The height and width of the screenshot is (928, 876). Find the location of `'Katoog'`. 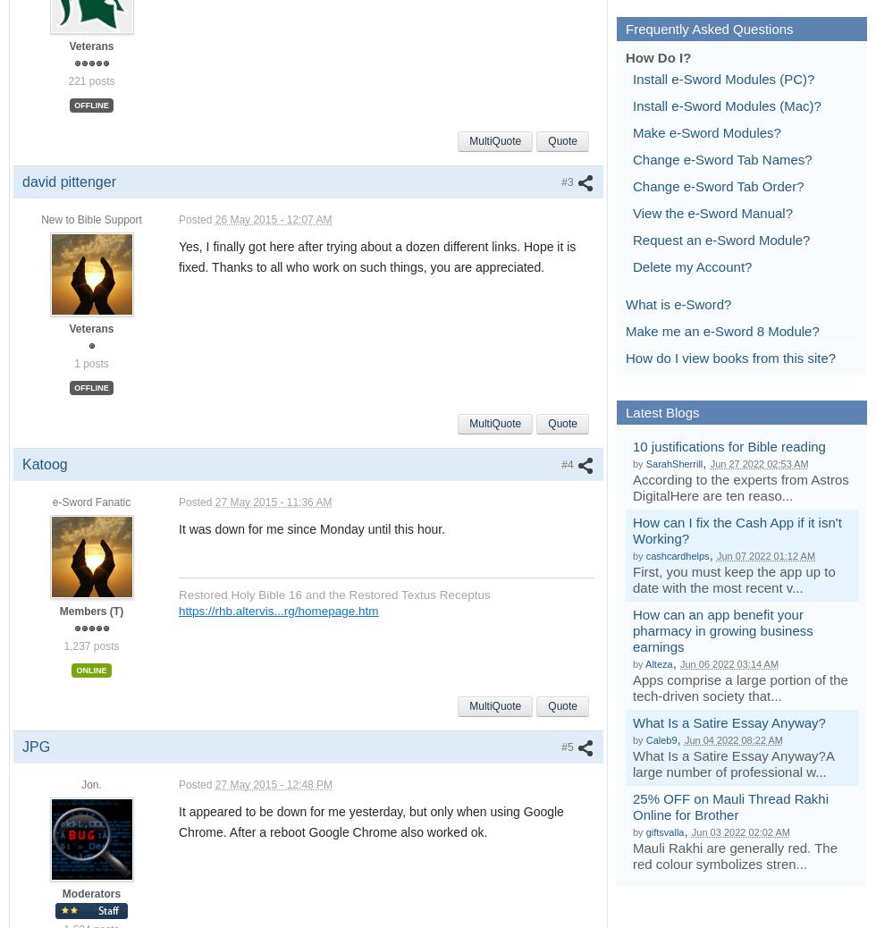

'Katoog' is located at coordinates (44, 464).